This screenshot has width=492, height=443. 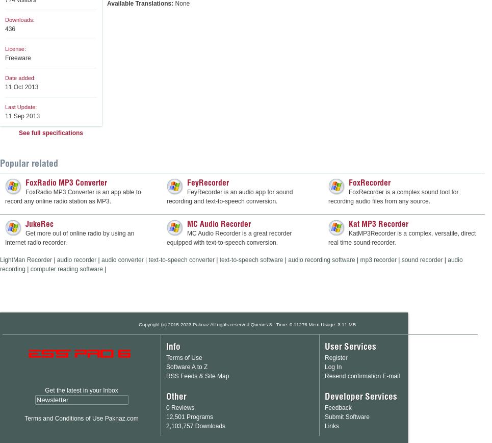 I want to click on '11 Sep 2013', so click(x=22, y=116).